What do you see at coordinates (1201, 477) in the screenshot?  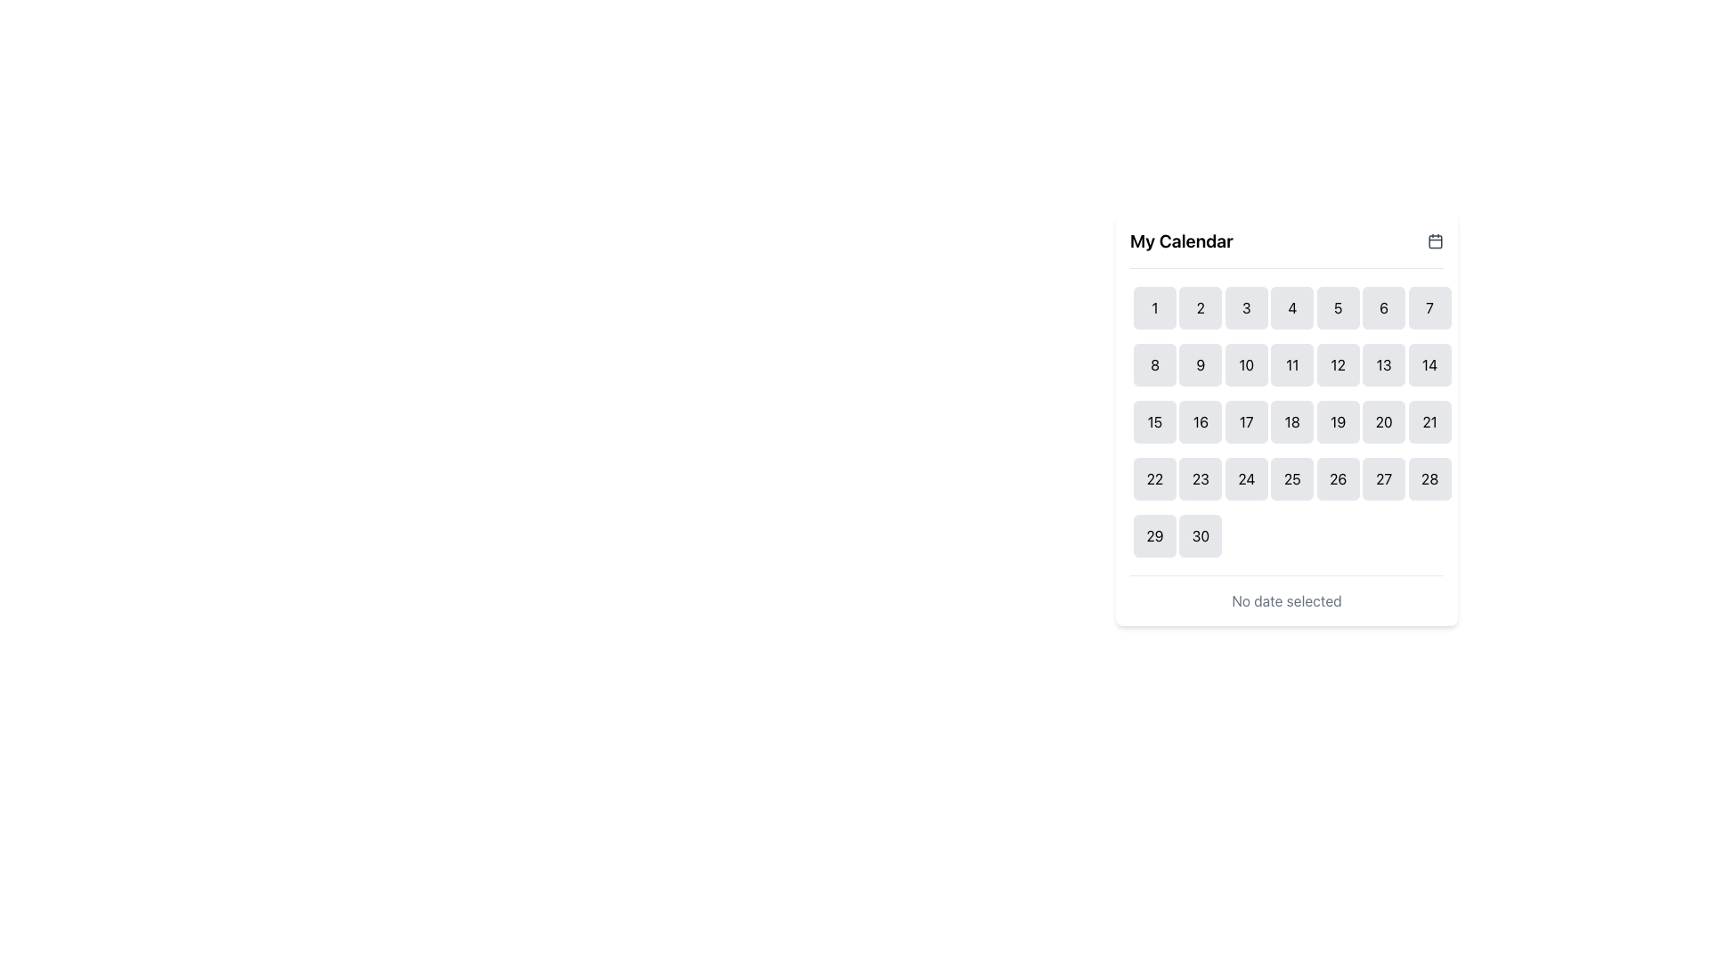 I see `the button labeled '23' in the calendar grid` at bounding box center [1201, 477].